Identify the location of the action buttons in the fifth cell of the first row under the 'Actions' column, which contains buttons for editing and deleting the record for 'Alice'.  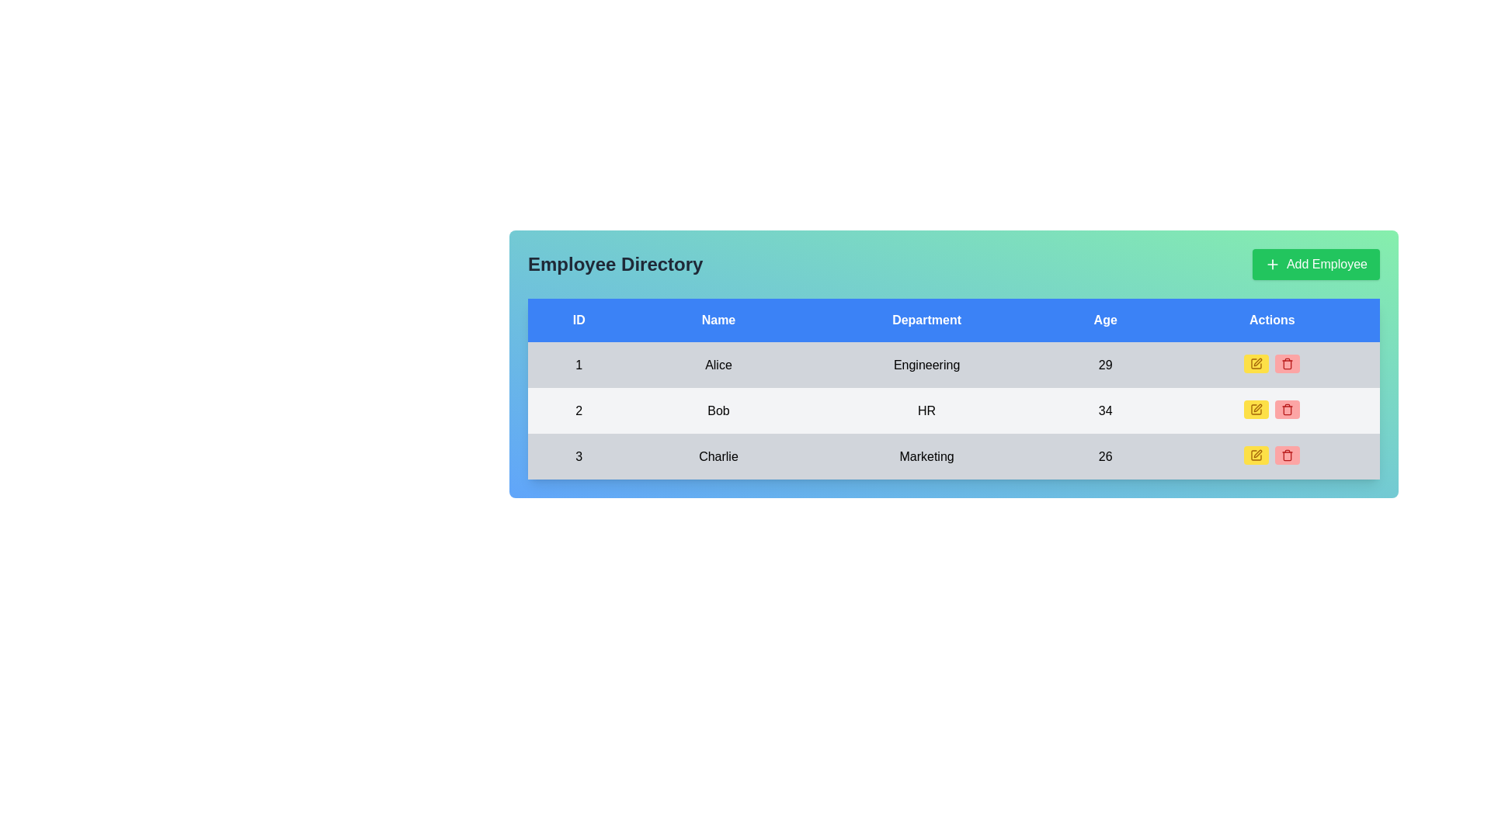
(1272, 365).